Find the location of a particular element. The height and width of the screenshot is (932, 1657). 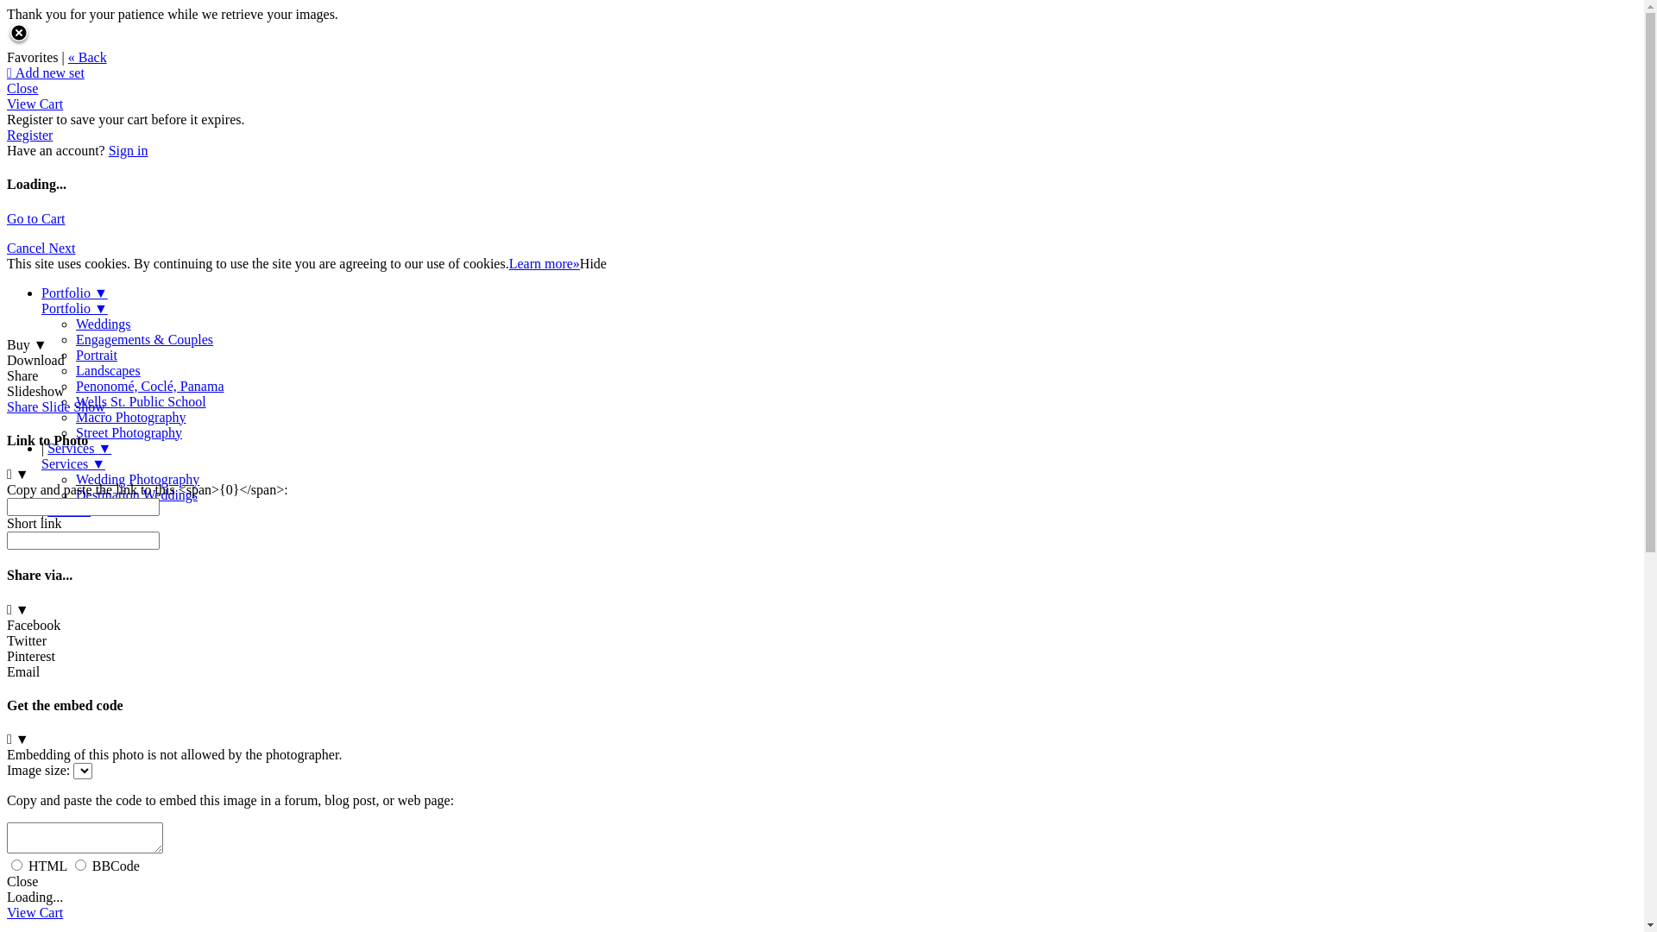

'Register' is located at coordinates (29, 134).